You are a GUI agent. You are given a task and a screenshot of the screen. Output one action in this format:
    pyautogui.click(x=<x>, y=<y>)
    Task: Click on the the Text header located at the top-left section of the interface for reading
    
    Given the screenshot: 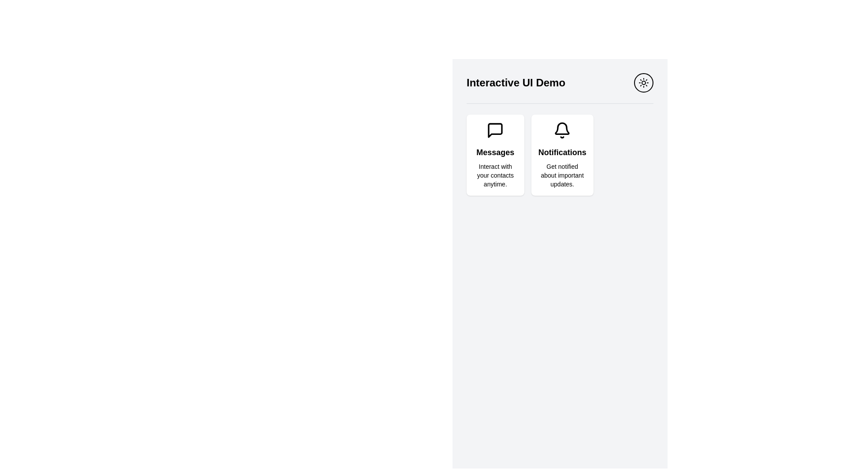 What is the action you would take?
    pyautogui.click(x=516, y=83)
    